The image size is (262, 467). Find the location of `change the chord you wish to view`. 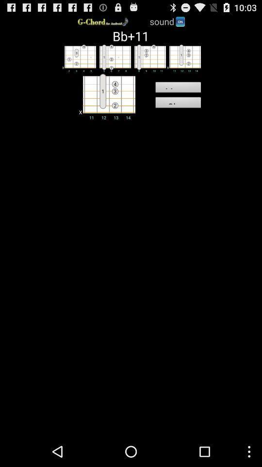

change the chord you wish to view is located at coordinates (183, 58).